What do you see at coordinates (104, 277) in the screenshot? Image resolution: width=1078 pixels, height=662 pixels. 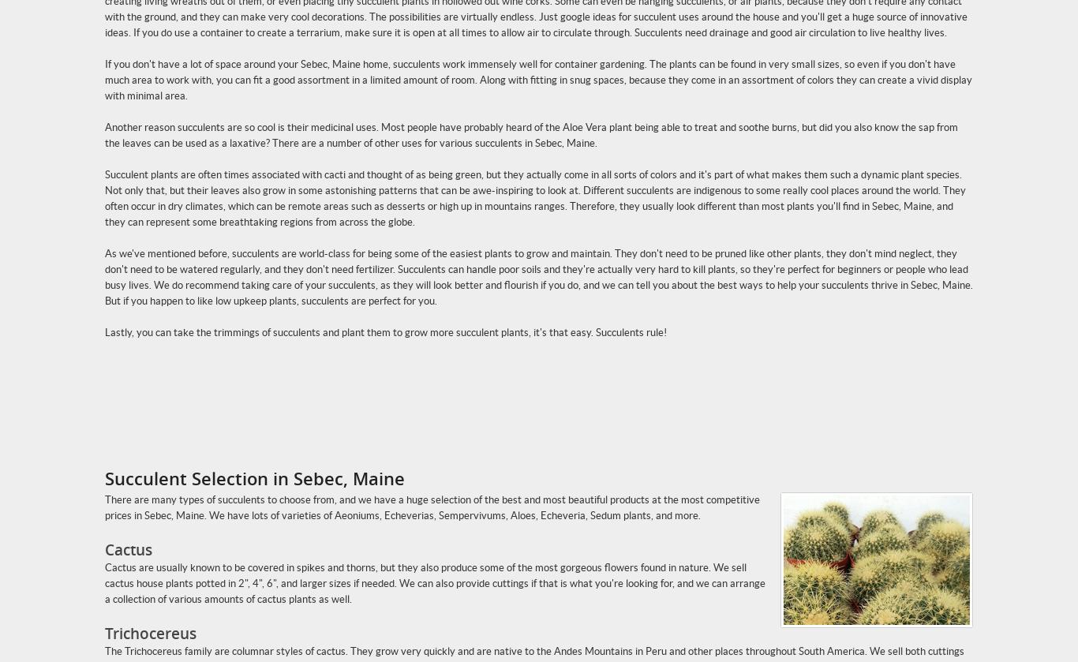 I see `'As we've mentioned before, succulents are world-class for being some of the easiest plants to grow and maintain. They don't need to be pruned like other plants, they don't mind neglect, they don't need to be watered regularly, and they don't need fertilizer. Succulents can handle poor soils and they're actually very hard to kill plants, so they're perfect for beginners or people who lead busy lives. We do recommend taking care of your succulents, as they will look better and flourish if you do, and we can tell you about the best ways to help your succulents thrive in Sebec, Maine. But if you happen to like low upkeep plants, succulents are perfect for you.'` at bounding box center [104, 277].